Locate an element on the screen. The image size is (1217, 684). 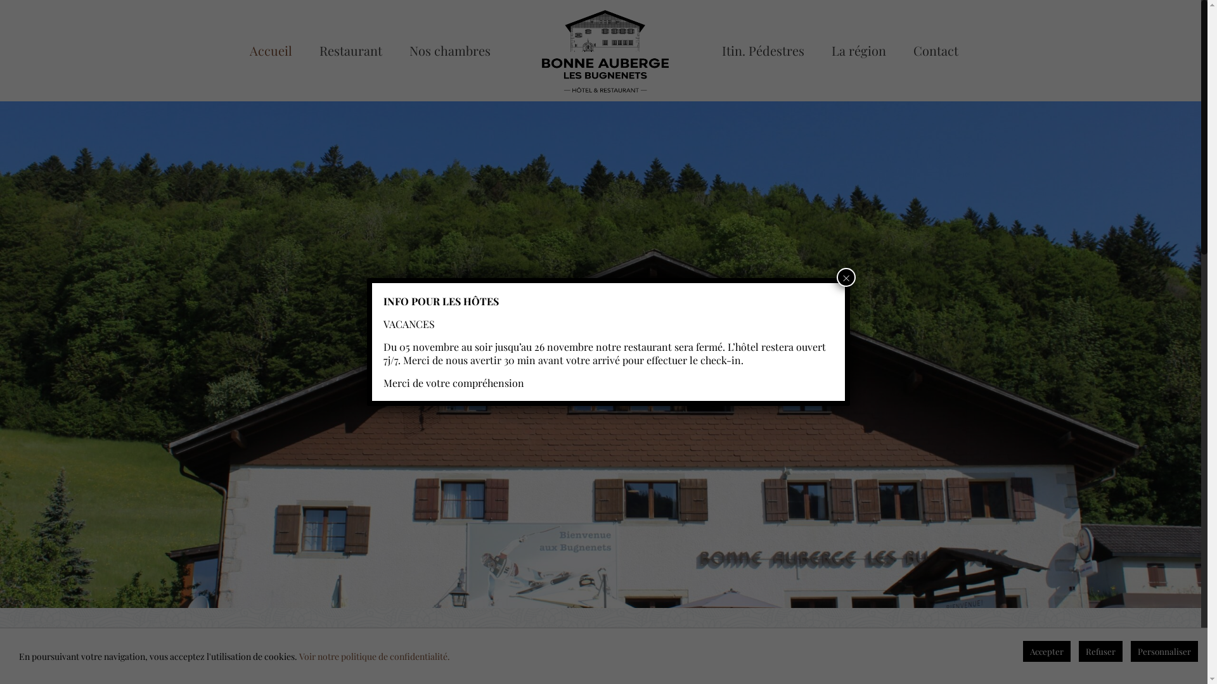
'Restaurant' is located at coordinates (307, 50).